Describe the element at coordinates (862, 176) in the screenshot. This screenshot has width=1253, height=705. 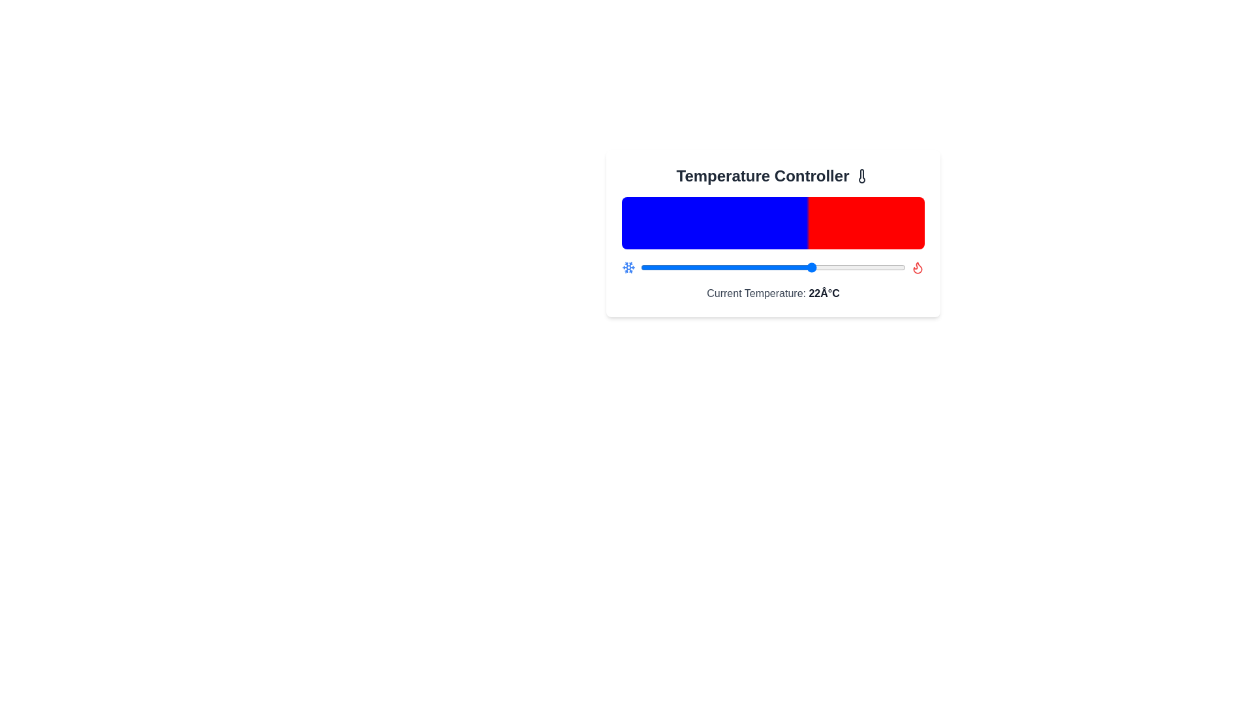
I see `the thermometer icon to interact with it` at that location.